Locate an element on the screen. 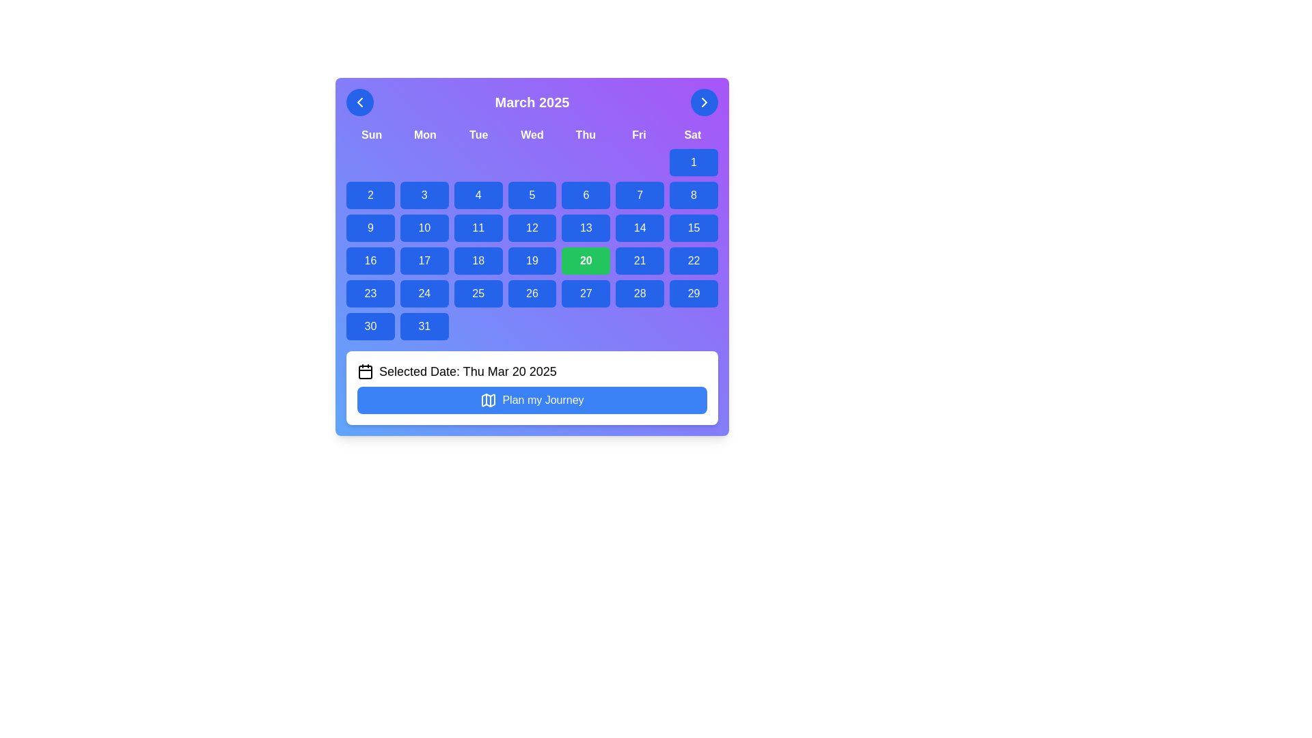  the button representing the day number '24' in the calendar grid layout is located at coordinates (424, 292).